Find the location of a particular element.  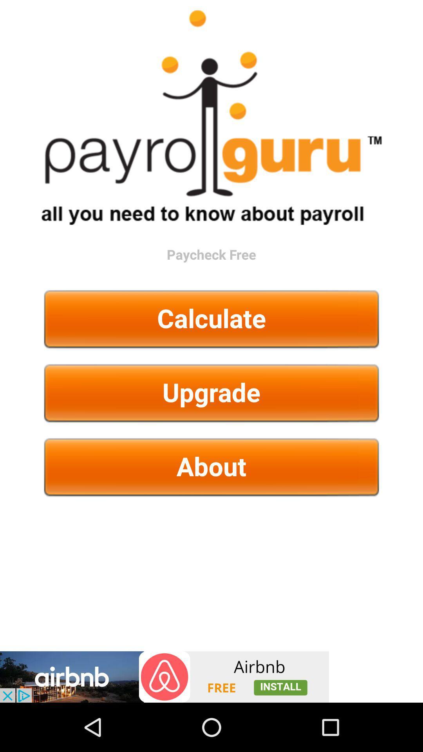

click advertisement is located at coordinates (164, 676).